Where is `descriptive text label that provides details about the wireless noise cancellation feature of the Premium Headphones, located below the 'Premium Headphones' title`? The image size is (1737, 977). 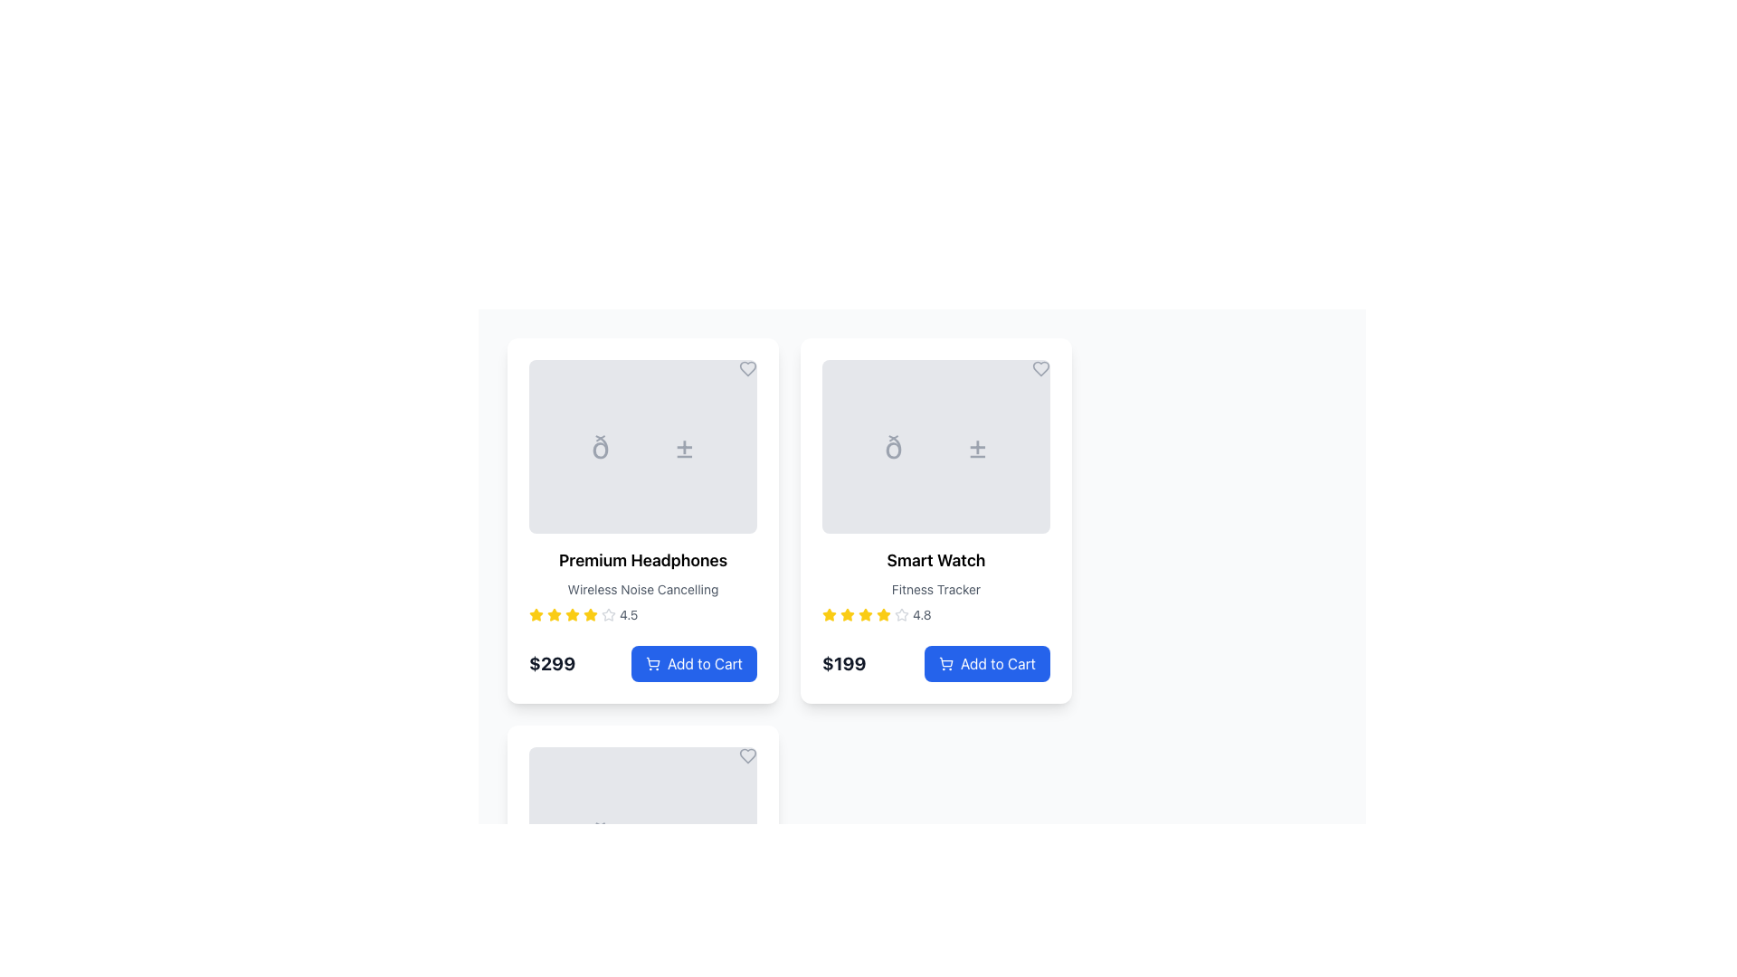
descriptive text label that provides details about the wireless noise cancellation feature of the Premium Headphones, located below the 'Premium Headphones' title is located at coordinates (642, 589).